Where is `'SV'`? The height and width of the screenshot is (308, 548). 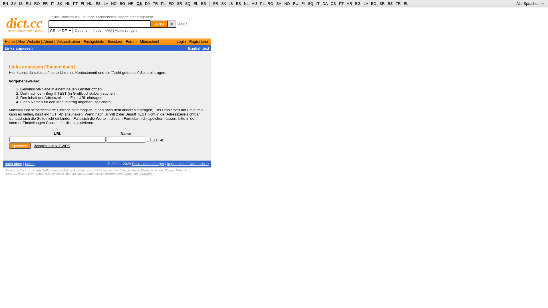 'SV' is located at coordinates (13, 3).